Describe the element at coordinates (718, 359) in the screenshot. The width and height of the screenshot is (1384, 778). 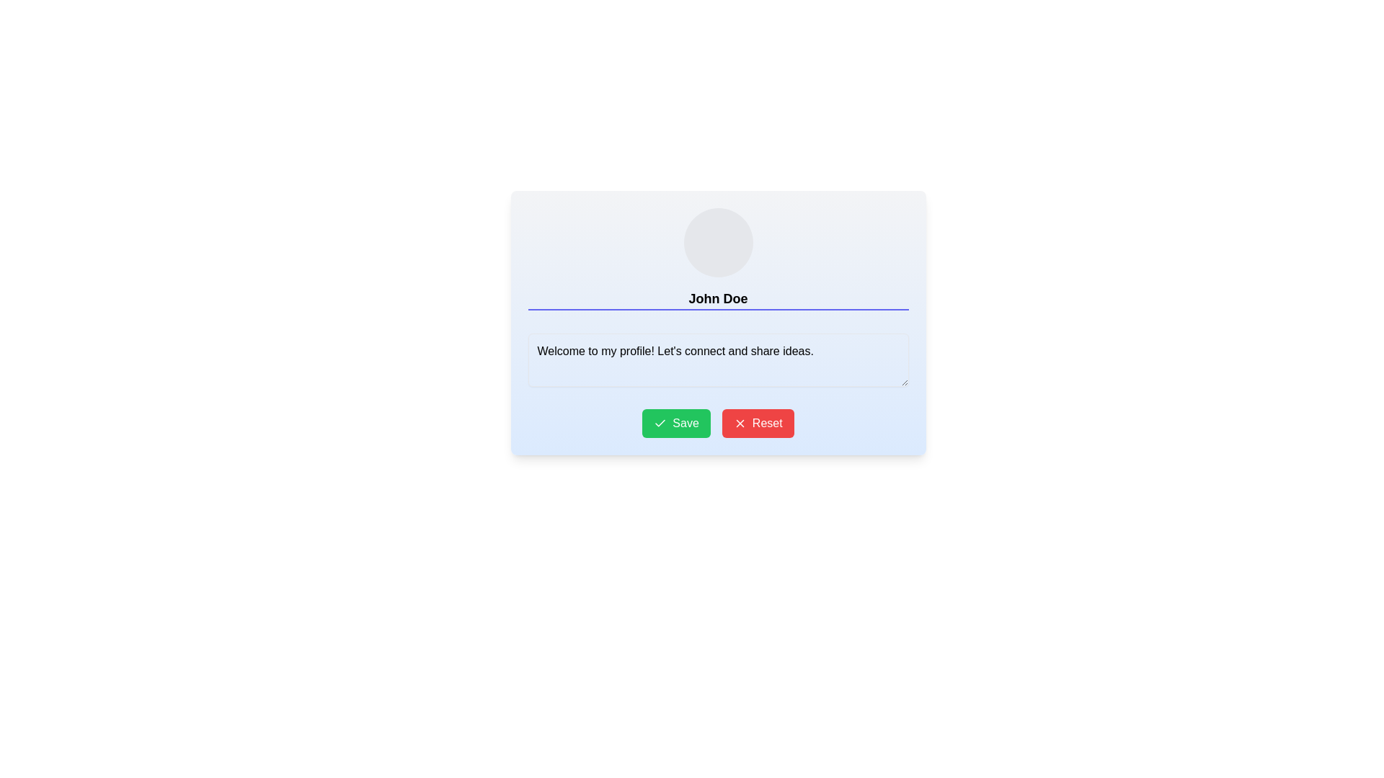
I see `the text input field styled with a slightly rounded rectangular outline and a transparent background, which displays the text 'Welcome to my profile! Let's connect and share ideas.'` at that location.